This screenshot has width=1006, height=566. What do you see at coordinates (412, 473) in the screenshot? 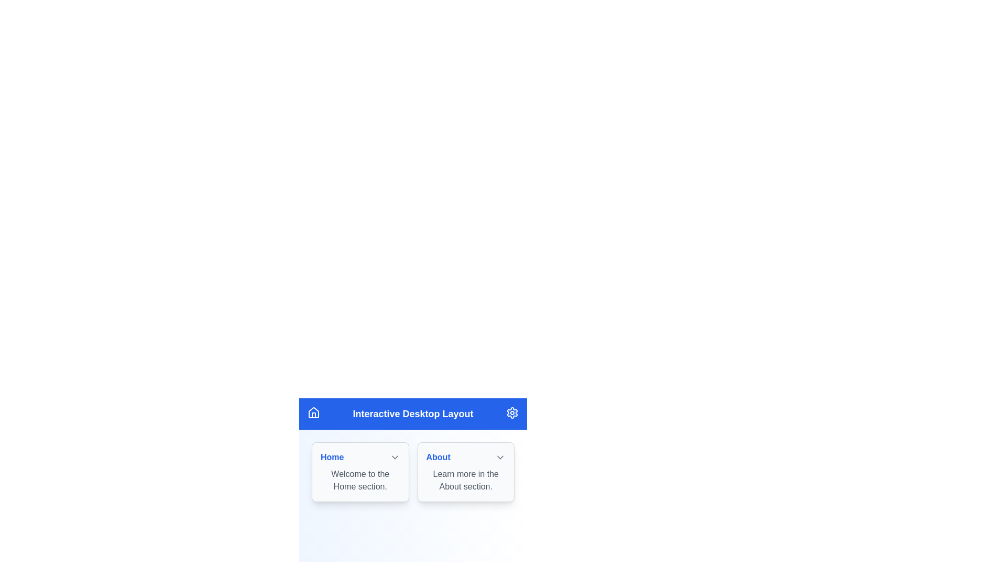
I see `the navigational panel that displays 'Home' and 'About' sections` at bounding box center [412, 473].